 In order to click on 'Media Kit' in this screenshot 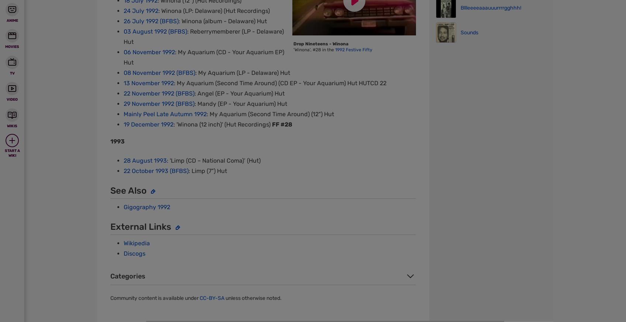, I will do `click(339, 39)`.